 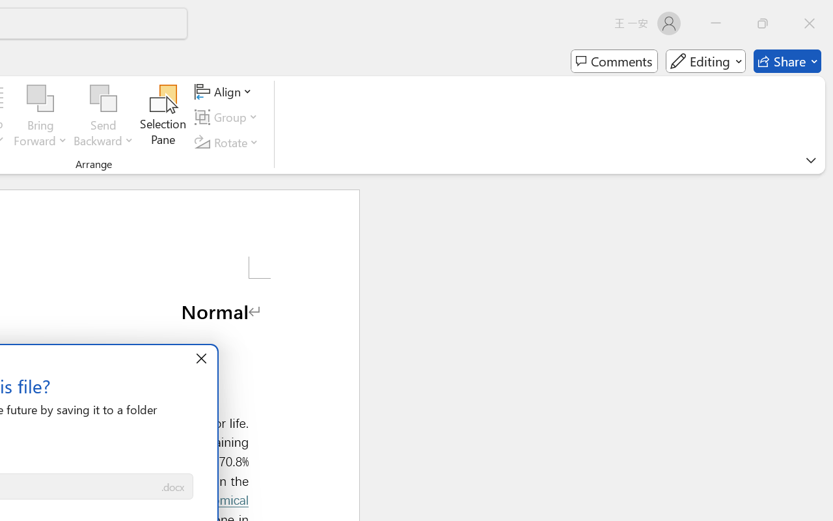 What do you see at coordinates (228, 117) in the screenshot?
I see `'Group'` at bounding box center [228, 117].